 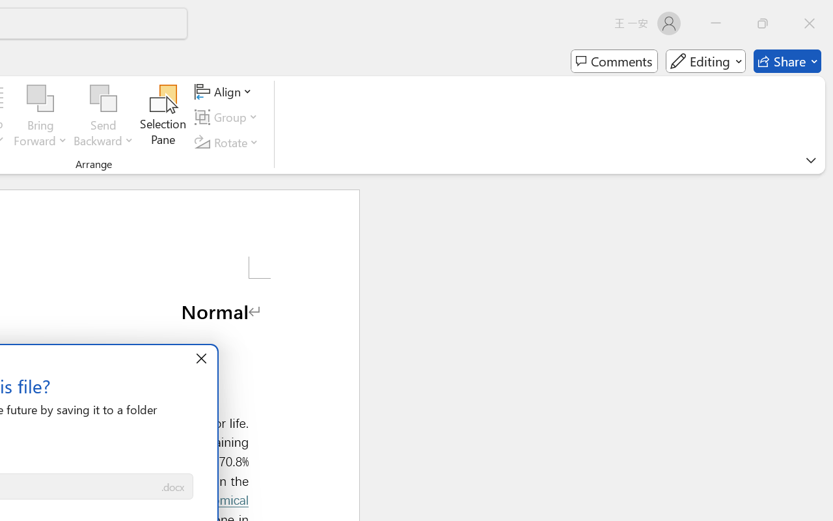 What do you see at coordinates (228, 117) in the screenshot?
I see `'Group'` at bounding box center [228, 117].